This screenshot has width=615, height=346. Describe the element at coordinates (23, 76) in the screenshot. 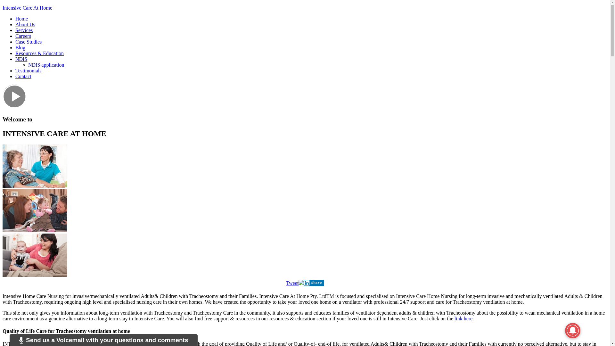

I see `'Contact'` at that location.